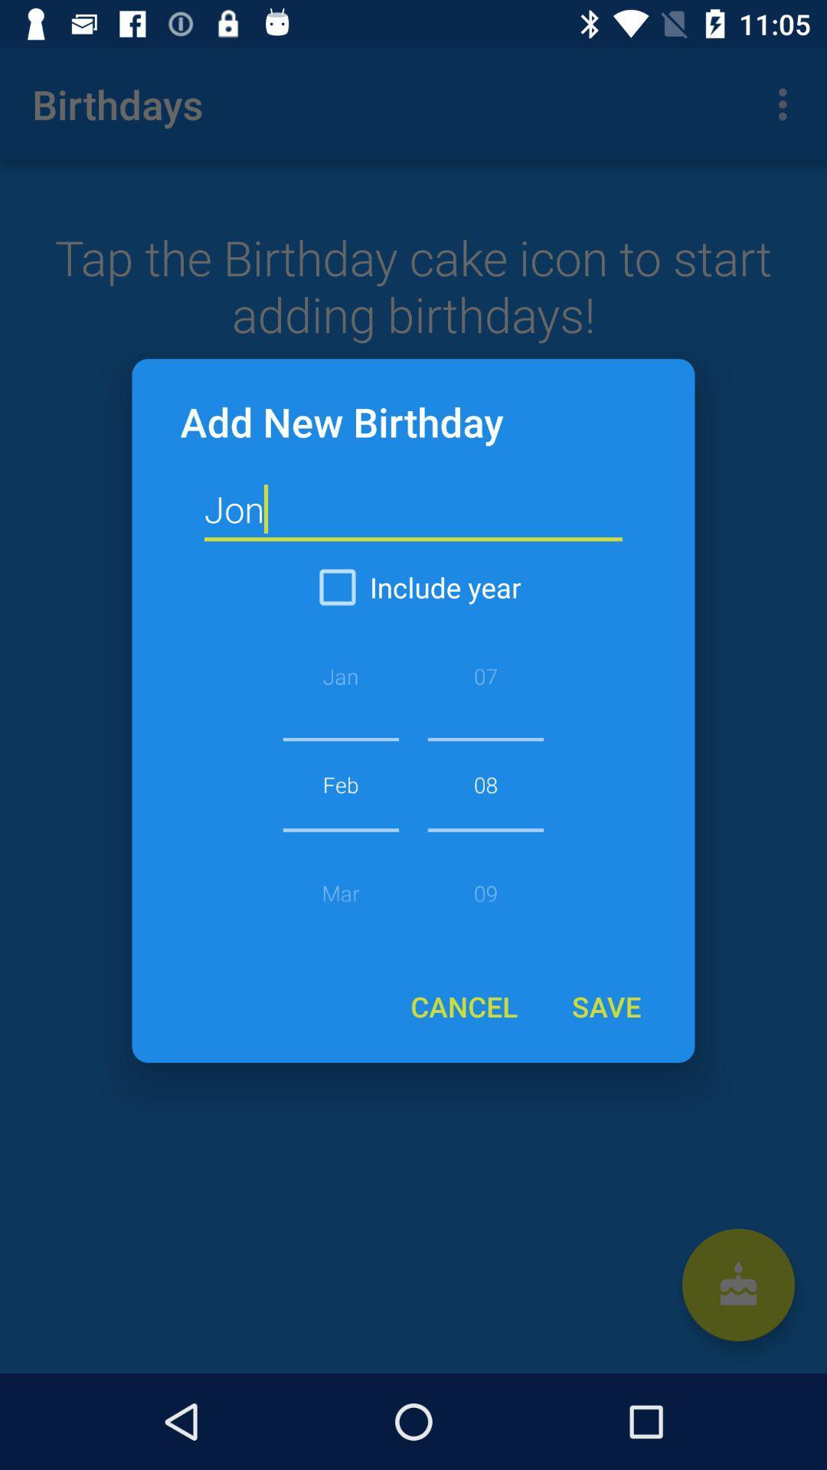 Image resolution: width=827 pixels, height=1470 pixels. Describe the element at coordinates (413, 510) in the screenshot. I see `the jon` at that location.